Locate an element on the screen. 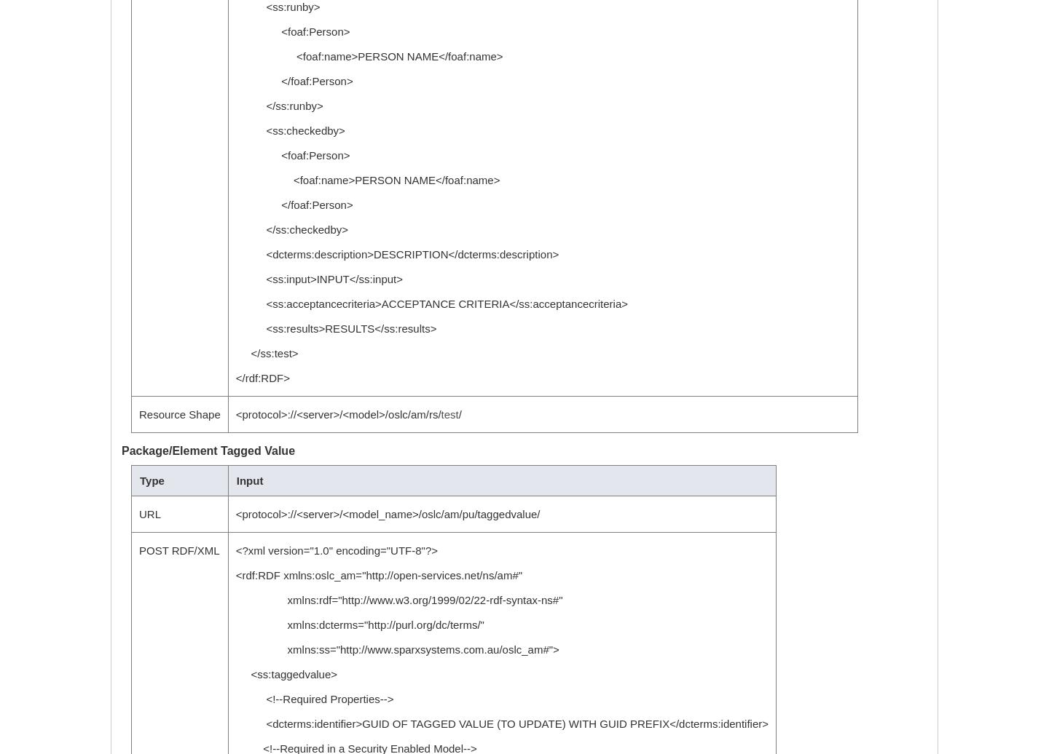  '<ss:runby>' is located at coordinates (277, 7).